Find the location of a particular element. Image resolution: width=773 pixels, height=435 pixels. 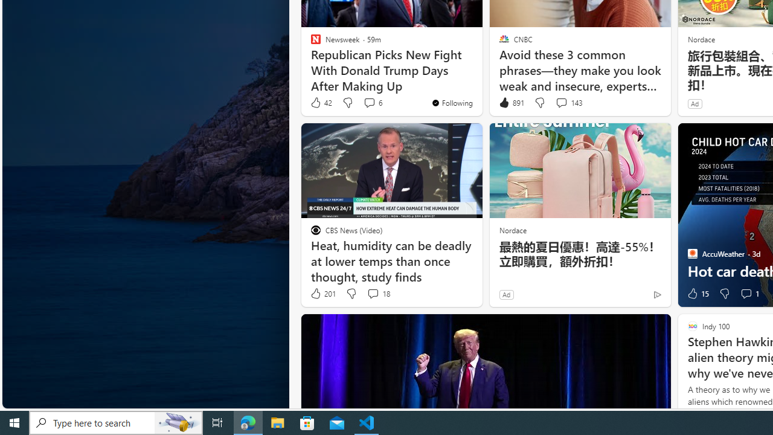

'View comments 143 Comment' is located at coordinates (560, 101).